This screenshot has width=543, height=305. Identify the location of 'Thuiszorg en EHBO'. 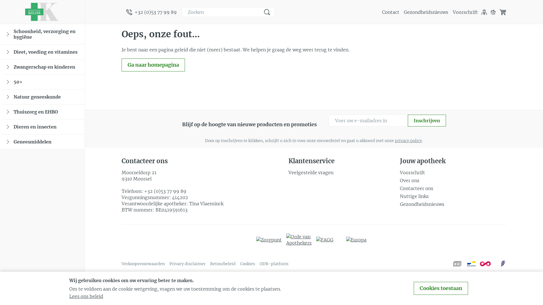
(42, 112).